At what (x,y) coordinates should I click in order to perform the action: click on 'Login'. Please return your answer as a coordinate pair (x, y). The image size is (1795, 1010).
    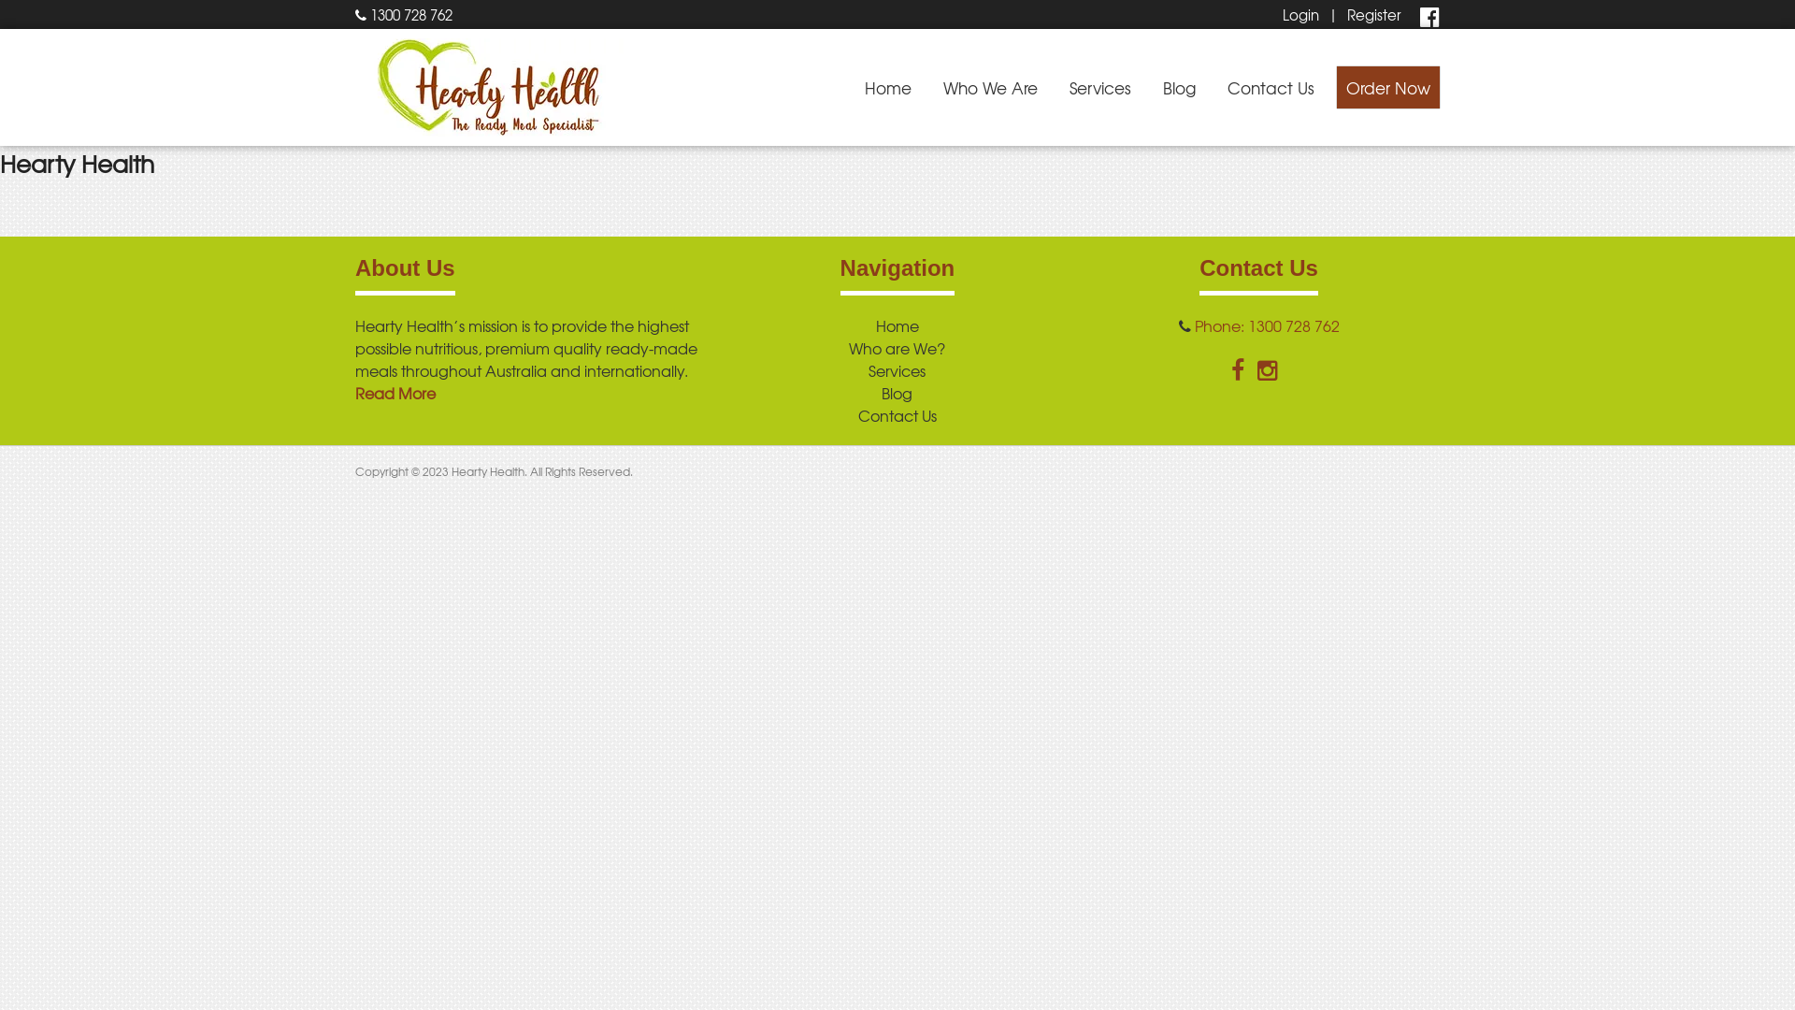
    Looking at the image, I should click on (1300, 14).